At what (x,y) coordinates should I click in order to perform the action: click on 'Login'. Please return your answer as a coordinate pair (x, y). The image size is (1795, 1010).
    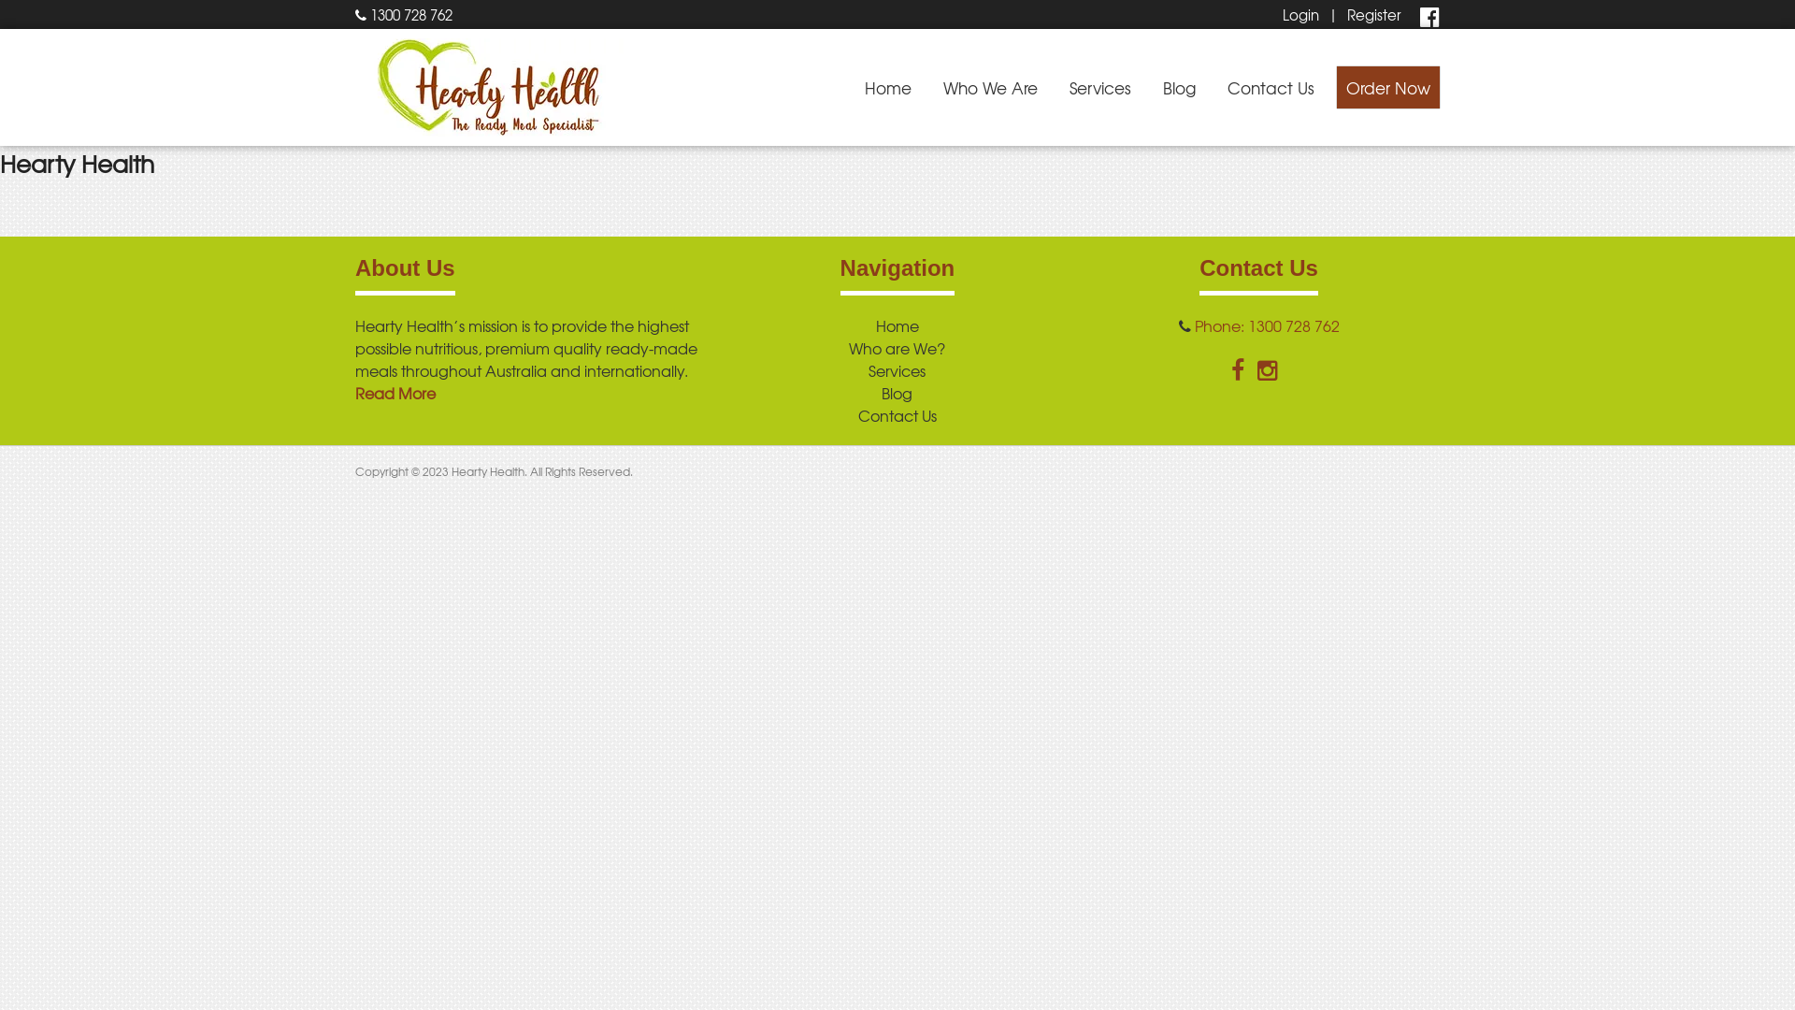
    Looking at the image, I should click on (1300, 14).